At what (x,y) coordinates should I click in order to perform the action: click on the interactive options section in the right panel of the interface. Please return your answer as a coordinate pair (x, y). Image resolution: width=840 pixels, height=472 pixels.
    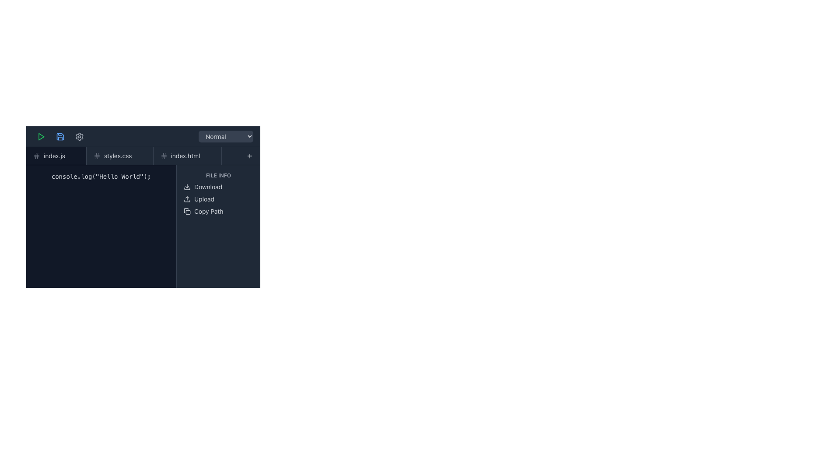
    Looking at the image, I should click on (218, 193).